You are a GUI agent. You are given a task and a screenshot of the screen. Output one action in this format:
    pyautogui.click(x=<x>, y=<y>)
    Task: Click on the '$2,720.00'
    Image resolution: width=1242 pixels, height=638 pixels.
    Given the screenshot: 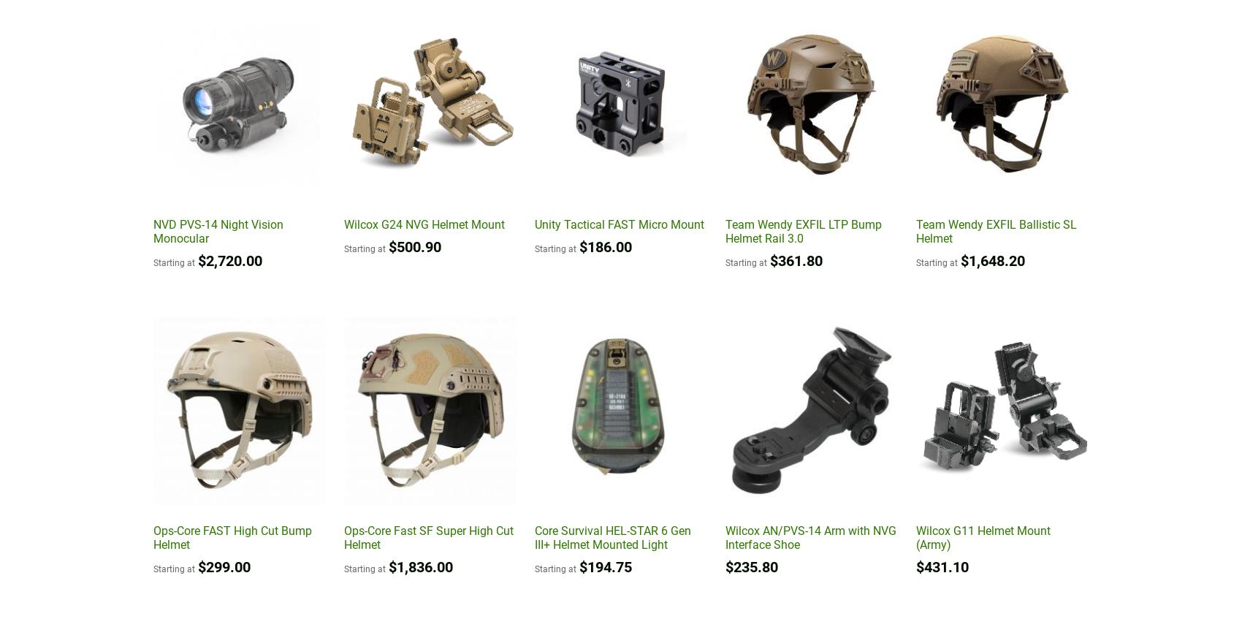 What is the action you would take?
    pyautogui.click(x=197, y=259)
    